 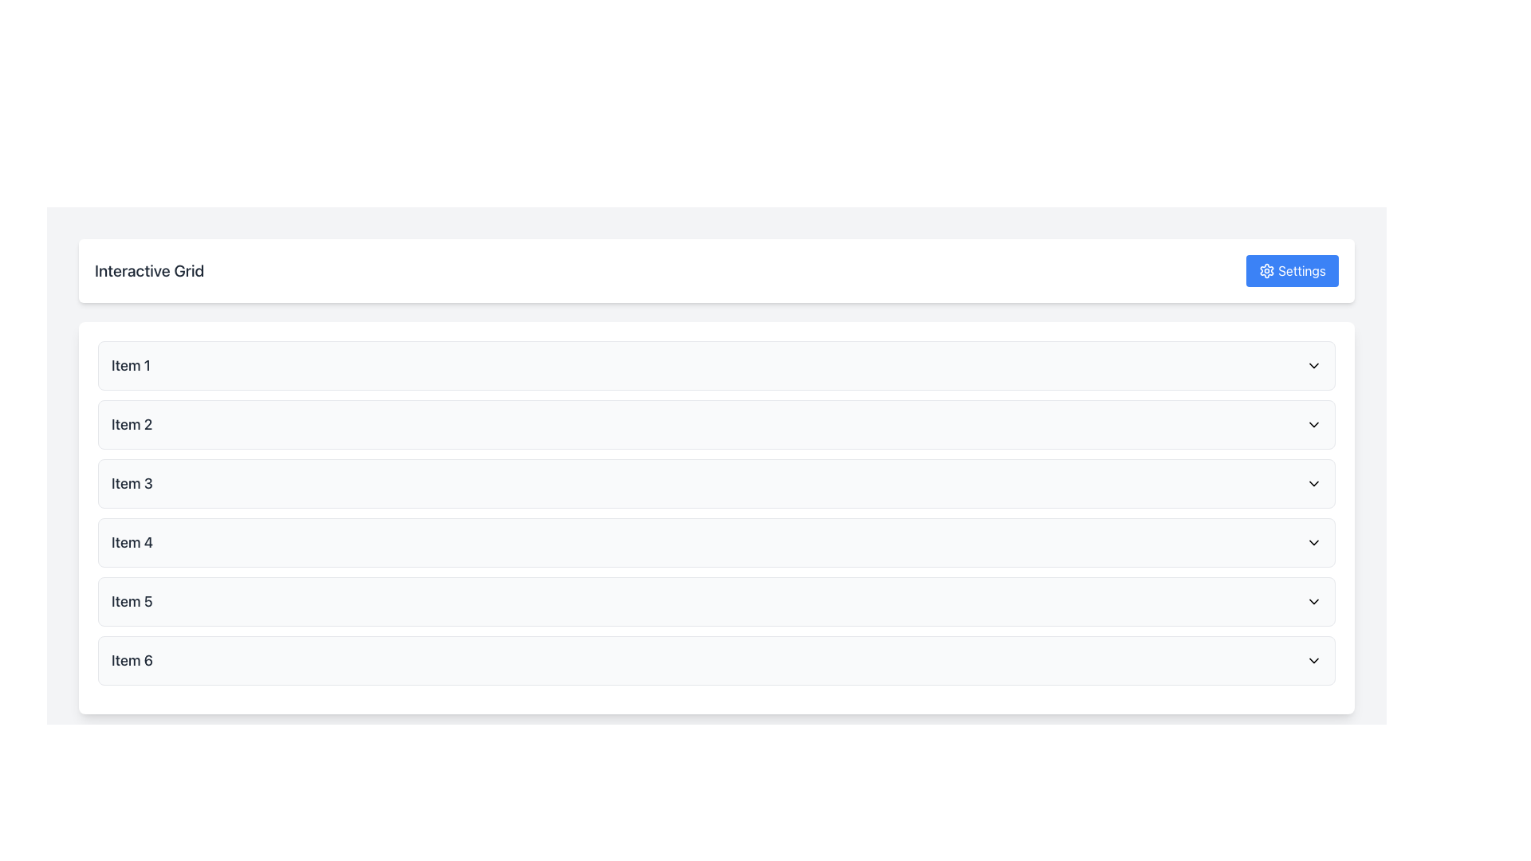 What do you see at coordinates (1313, 602) in the screenshot?
I see `the Chevron-down icon` at bounding box center [1313, 602].